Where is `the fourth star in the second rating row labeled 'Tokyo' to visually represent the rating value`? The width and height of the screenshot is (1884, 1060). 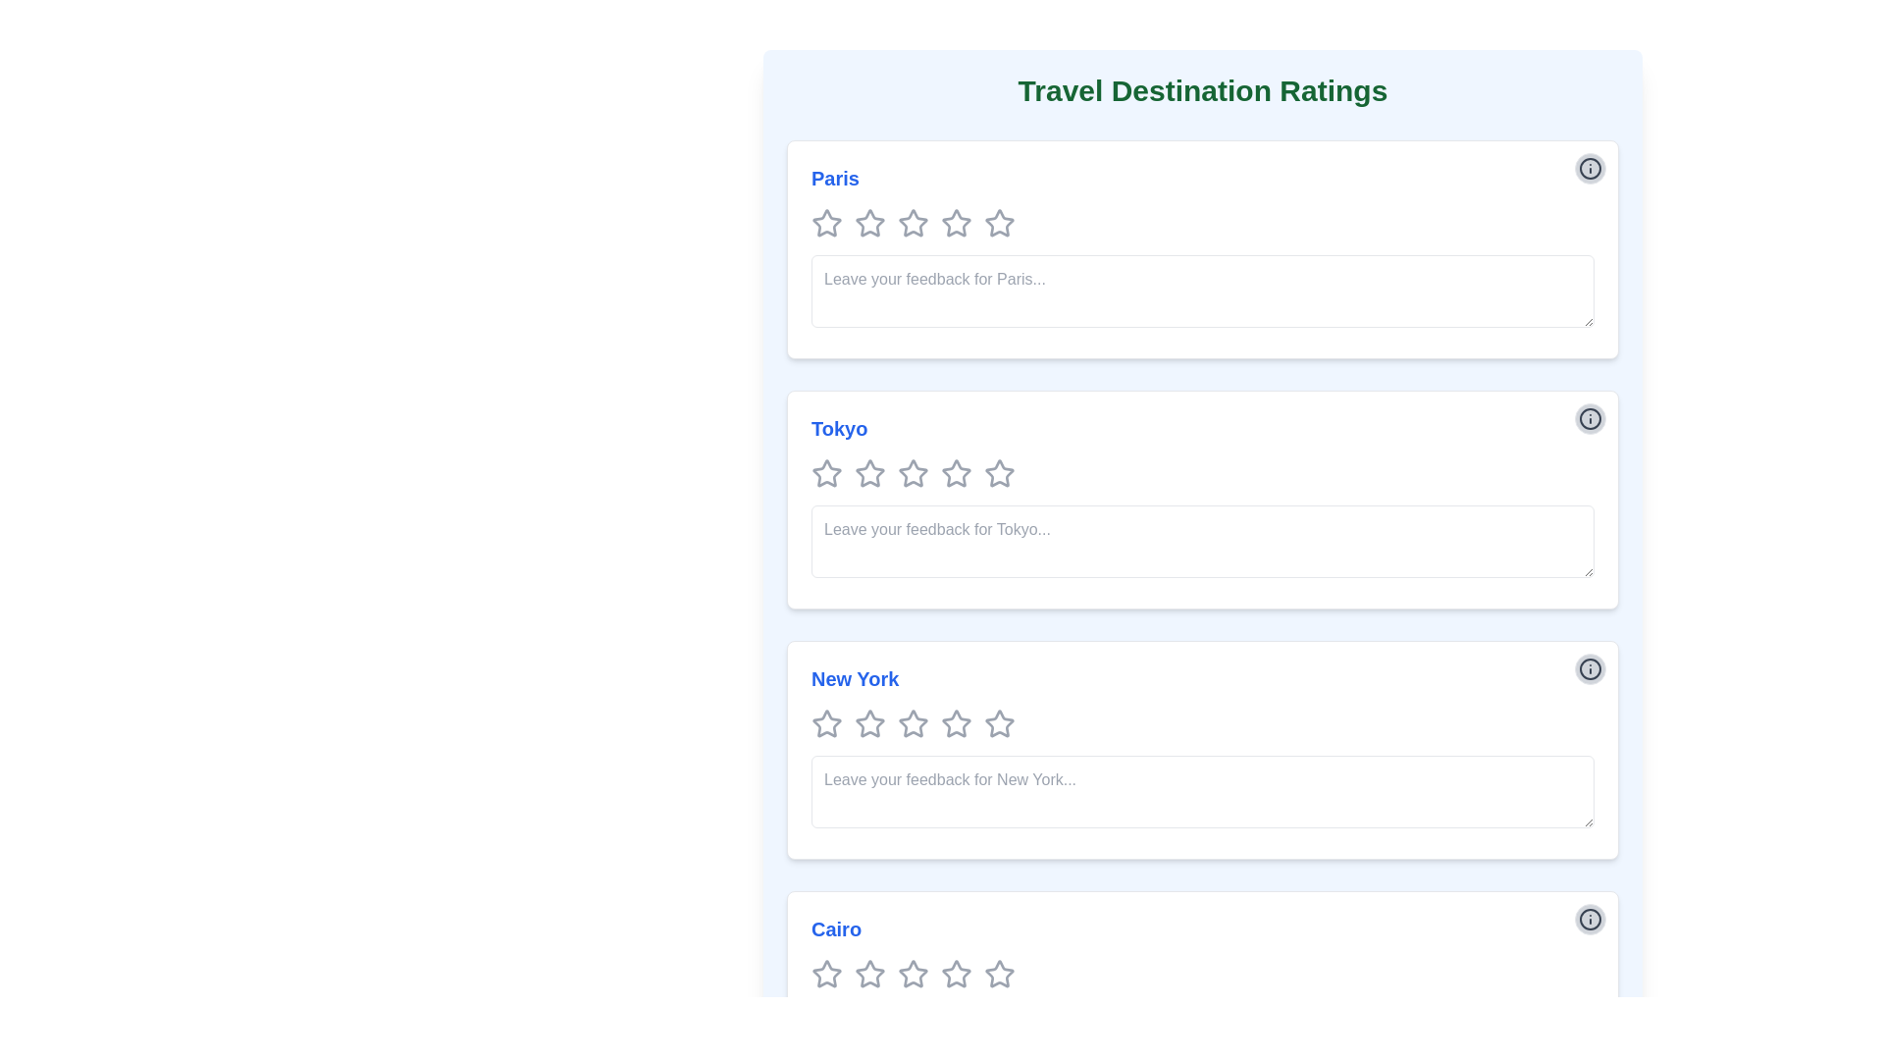
the fourth star in the second rating row labeled 'Tokyo' to visually represent the rating value is located at coordinates (956, 473).